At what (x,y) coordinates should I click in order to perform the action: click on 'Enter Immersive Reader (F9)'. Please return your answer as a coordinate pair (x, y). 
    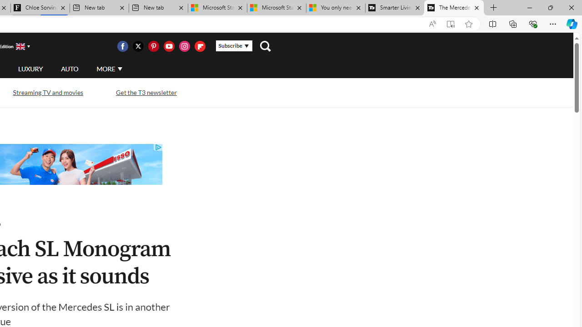
    Looking at the image, I should click on (451, 24).